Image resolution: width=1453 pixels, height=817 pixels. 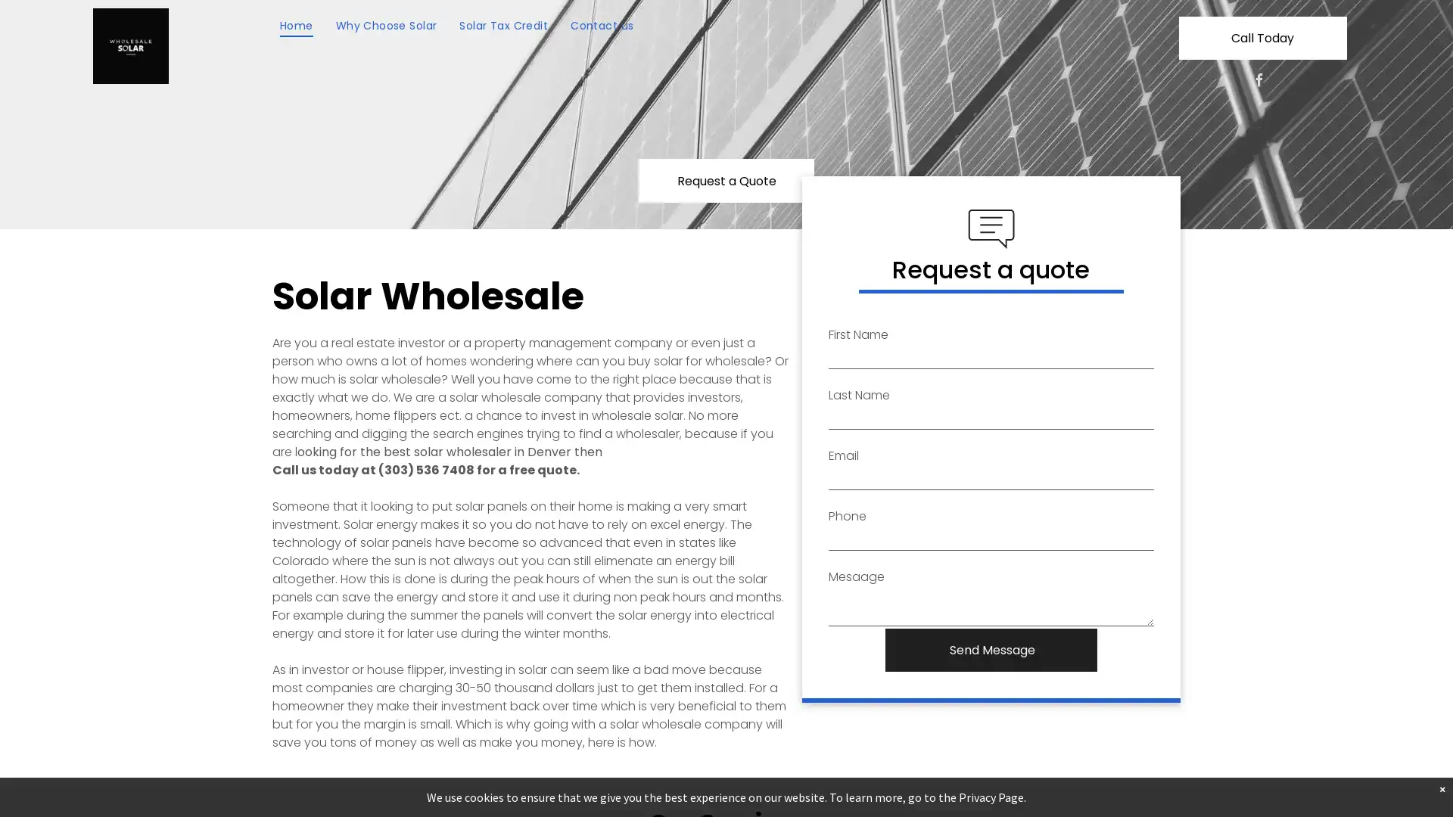 What do you see at coordinates (992, 649) in the screenshot?
I see `Send Message` at bounding box center [992, 649].